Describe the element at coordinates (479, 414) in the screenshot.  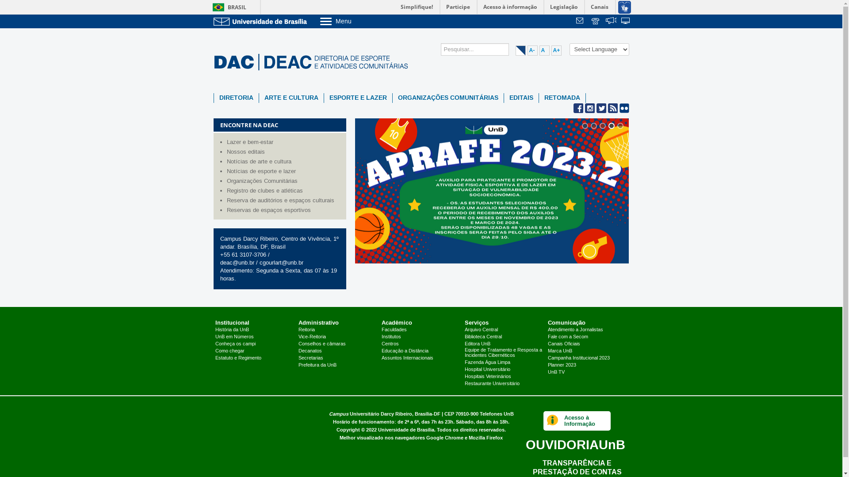
I see `'Telefones UnB'` at that location.